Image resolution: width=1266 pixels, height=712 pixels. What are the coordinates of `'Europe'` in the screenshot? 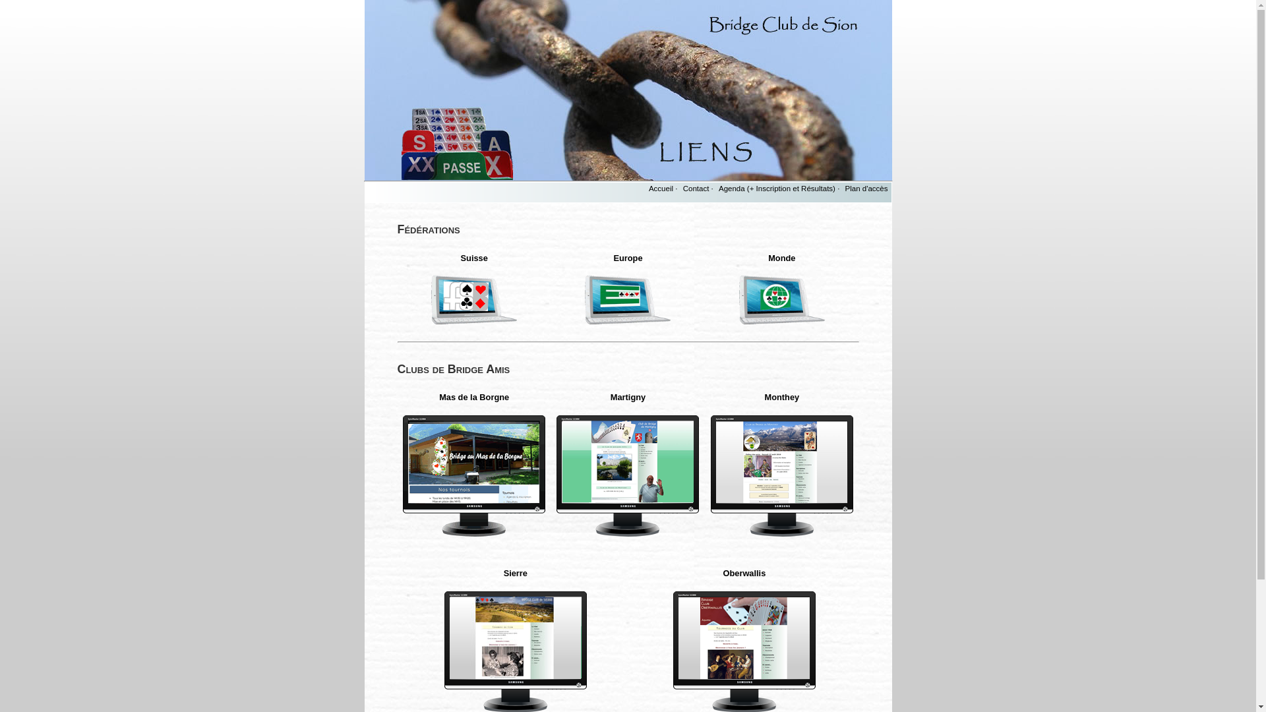 It's located at (626, 258).